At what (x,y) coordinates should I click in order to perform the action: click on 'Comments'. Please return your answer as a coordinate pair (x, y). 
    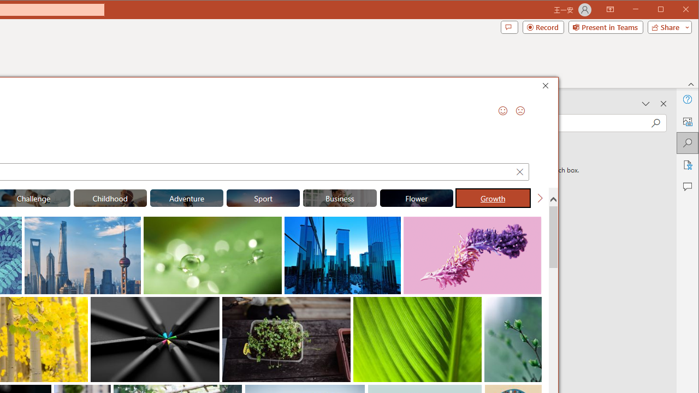
    Looking at the image, I should click on (508, 27).